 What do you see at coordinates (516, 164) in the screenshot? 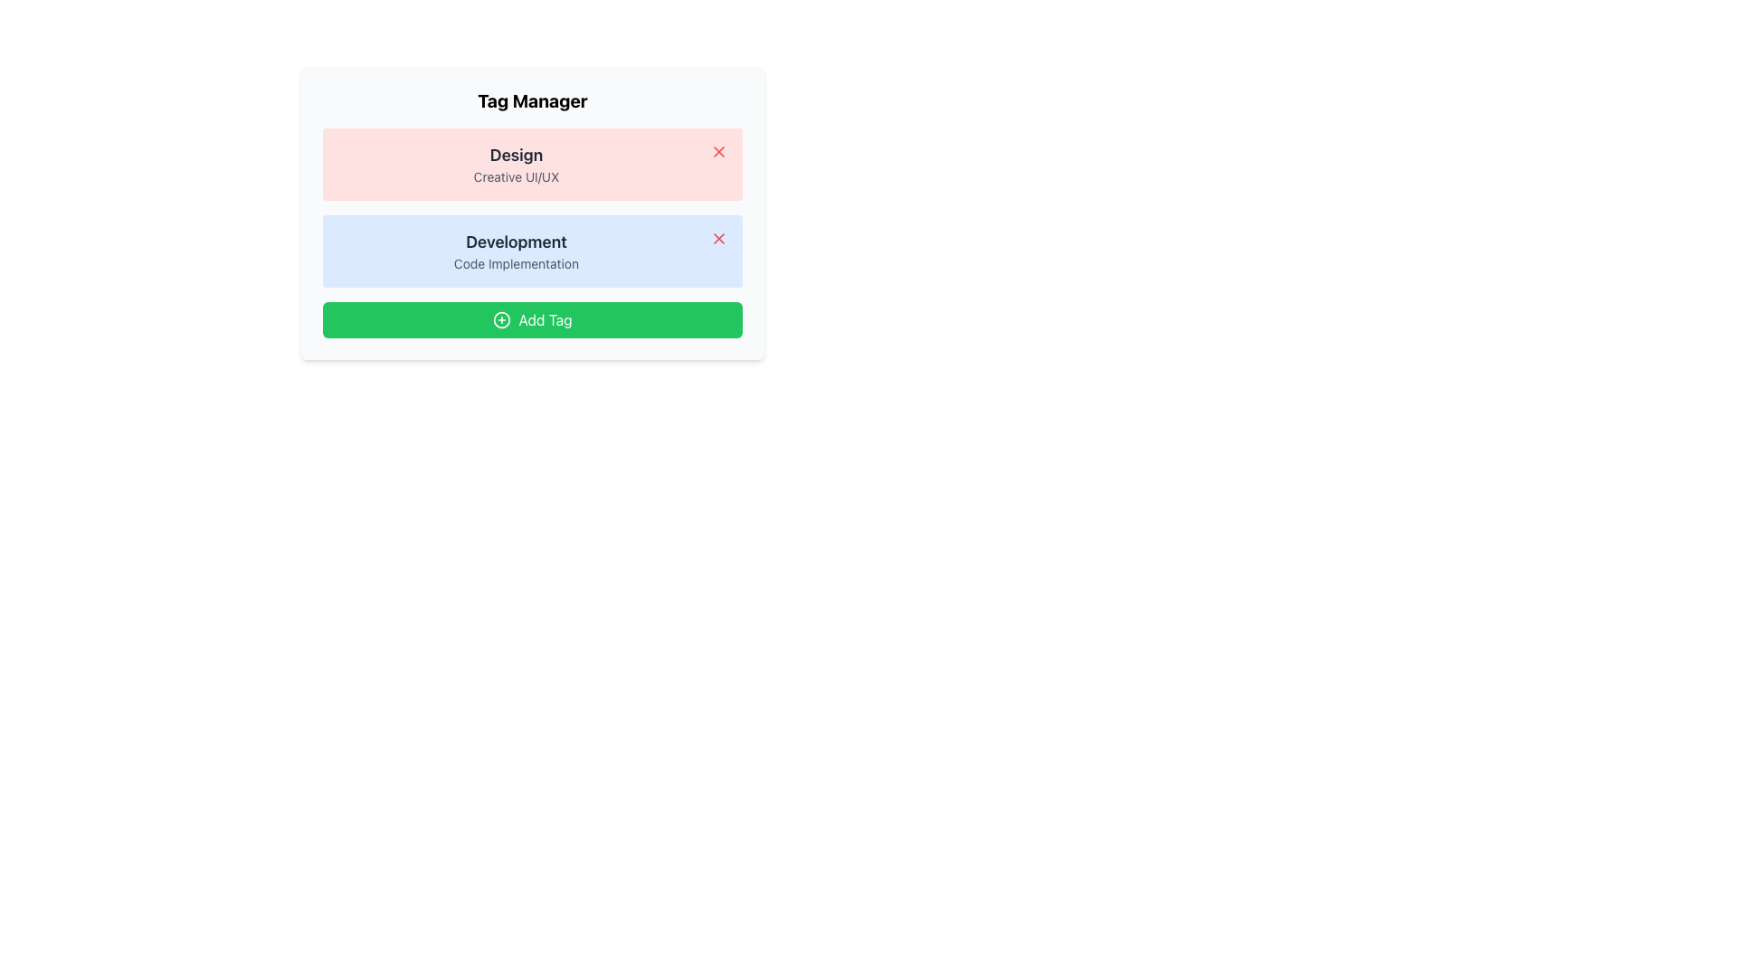
I see `the 'Design' label in the Tag Manager section, which represents the subcategory 'Creative UI/UX'` at bounding box center [516, 164].